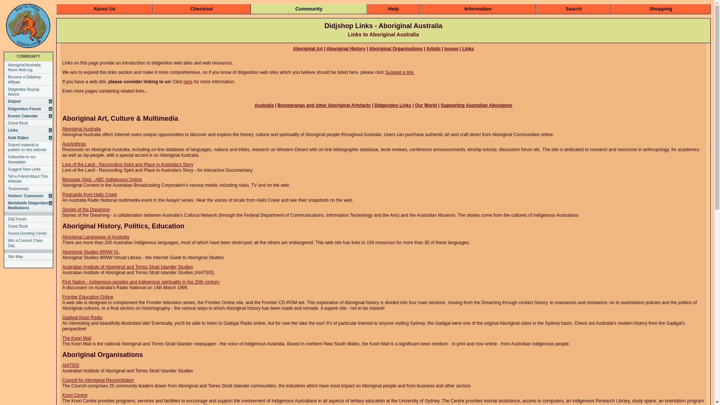  I want to click on 'here', so click(187, 82).